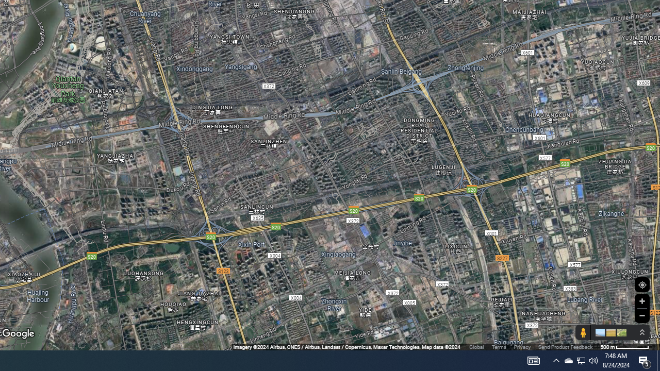  What do you see at coordinates (620, 332) in the screenshot?
I see `'Show imagery'` at bounding box center [620, 332].